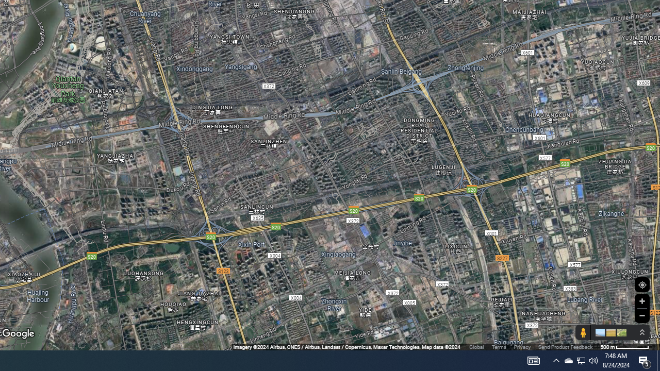  What do you see at coordinates (620, 332) in the screenshot?
I see `'Show imagery'` at bounding box center [620, 332].